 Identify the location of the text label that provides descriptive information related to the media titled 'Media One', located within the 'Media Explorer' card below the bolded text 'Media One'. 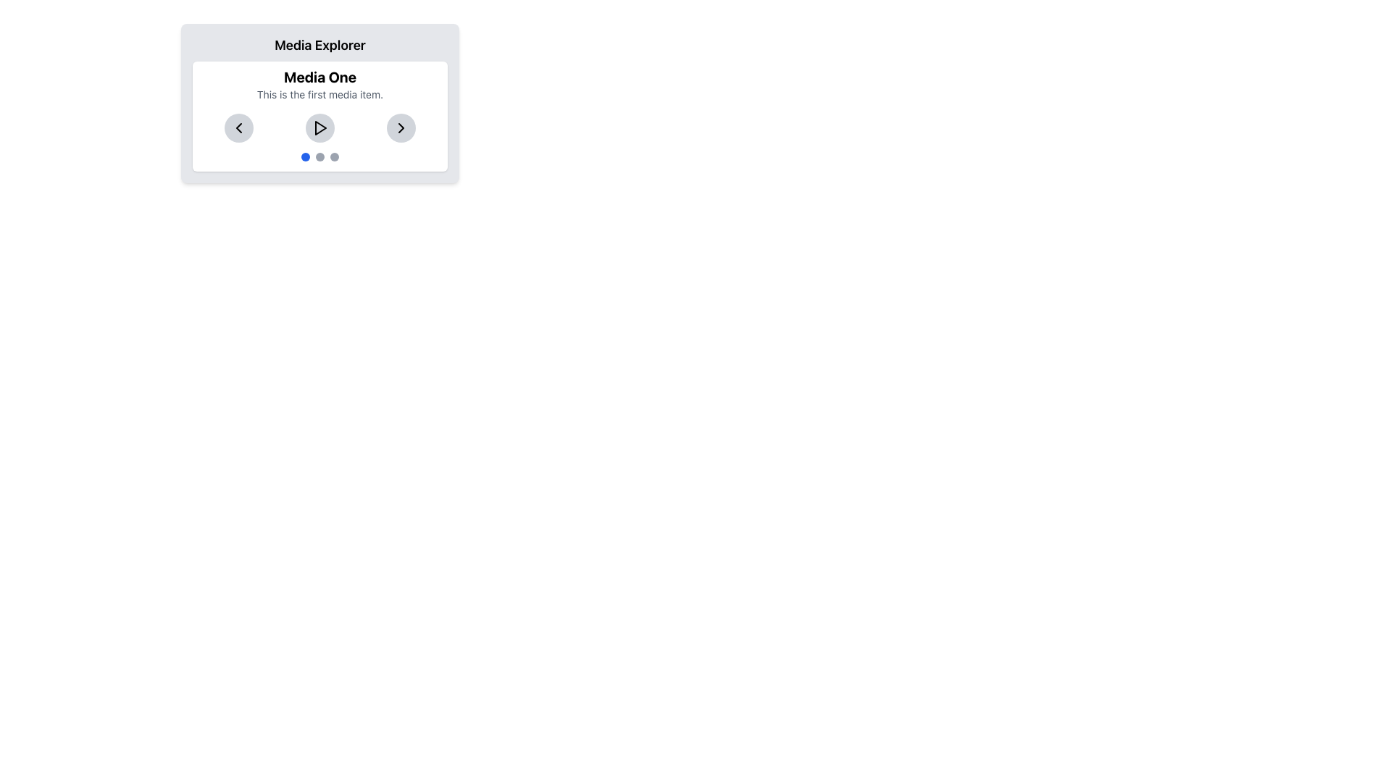
(319, 95).